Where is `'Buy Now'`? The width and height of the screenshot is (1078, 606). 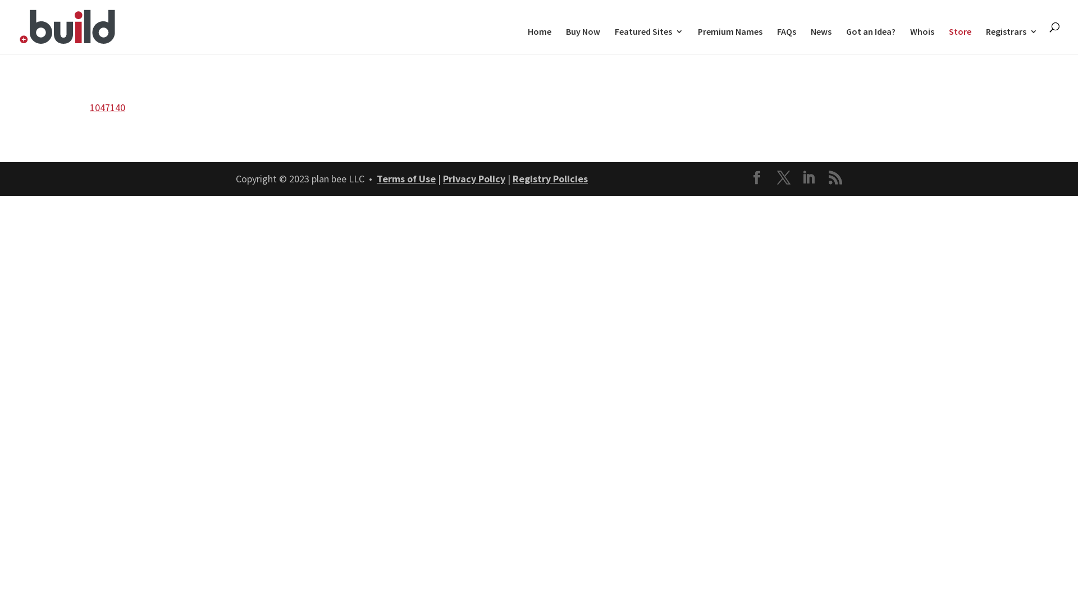 'Buy Now' is located at coordinates (583, 40).